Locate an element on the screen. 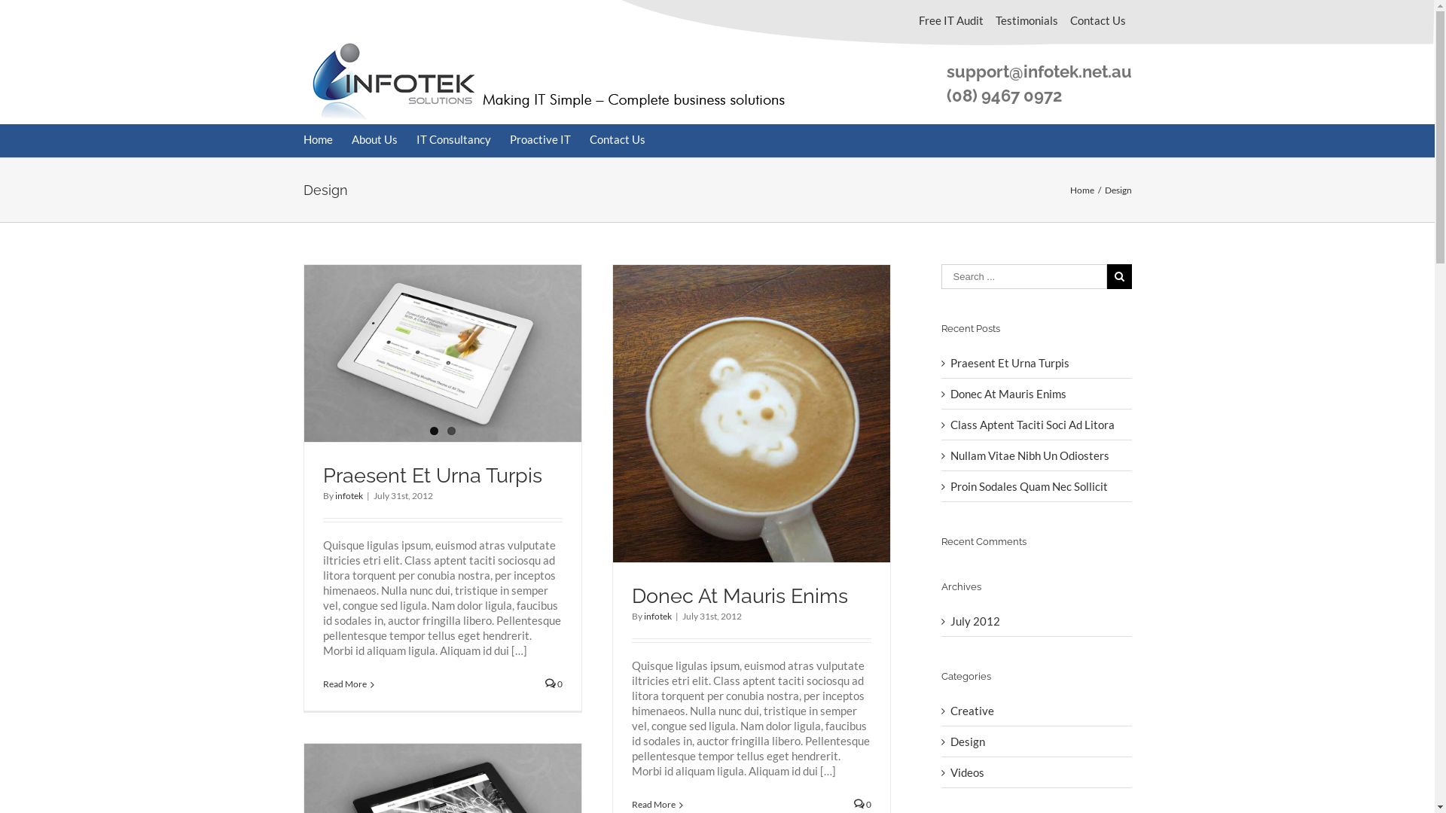  'IT Consultancy' is located at coordinates (452, 140).